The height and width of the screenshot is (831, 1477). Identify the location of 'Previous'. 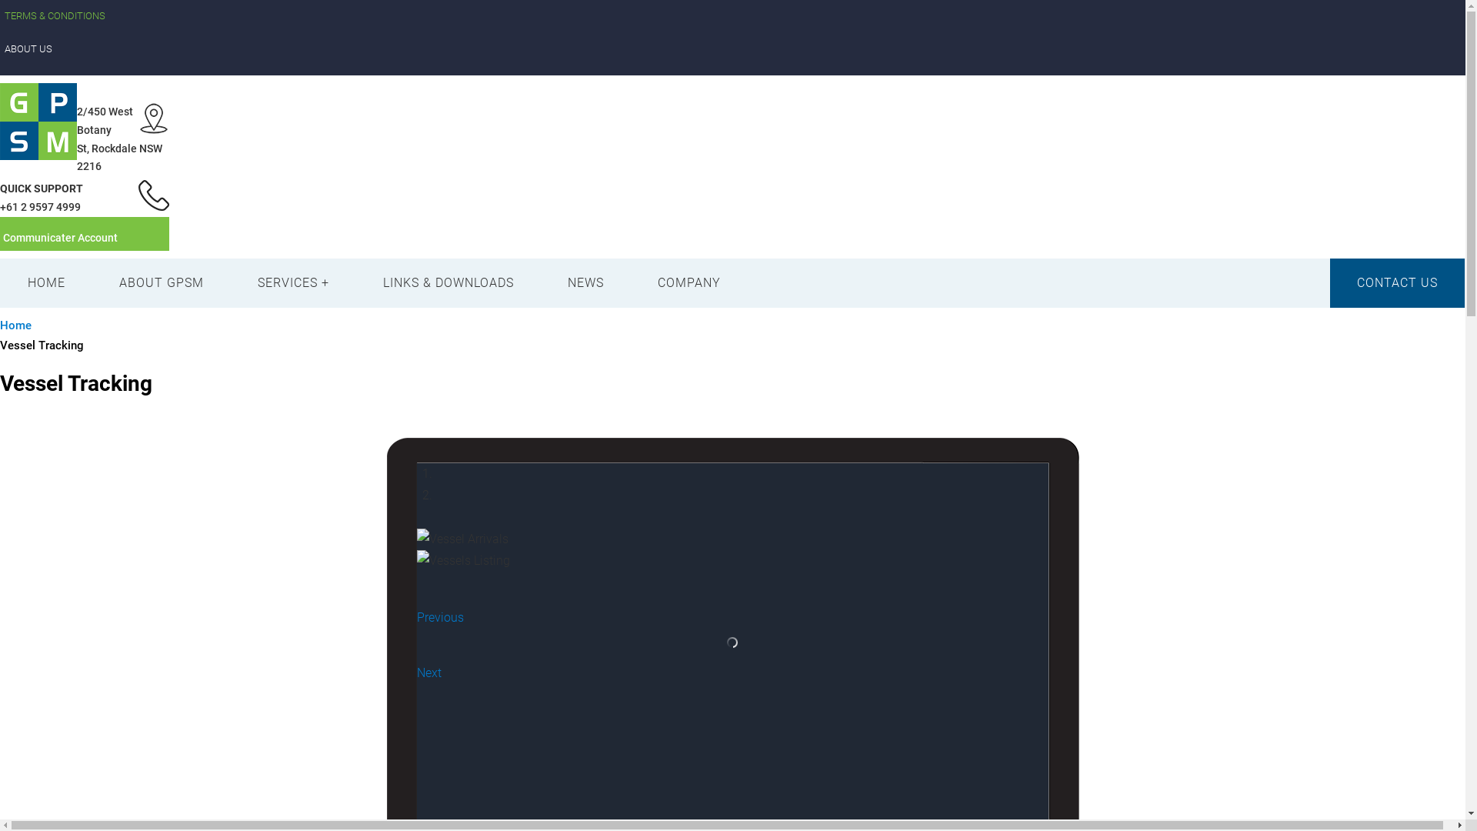
(439, 616).